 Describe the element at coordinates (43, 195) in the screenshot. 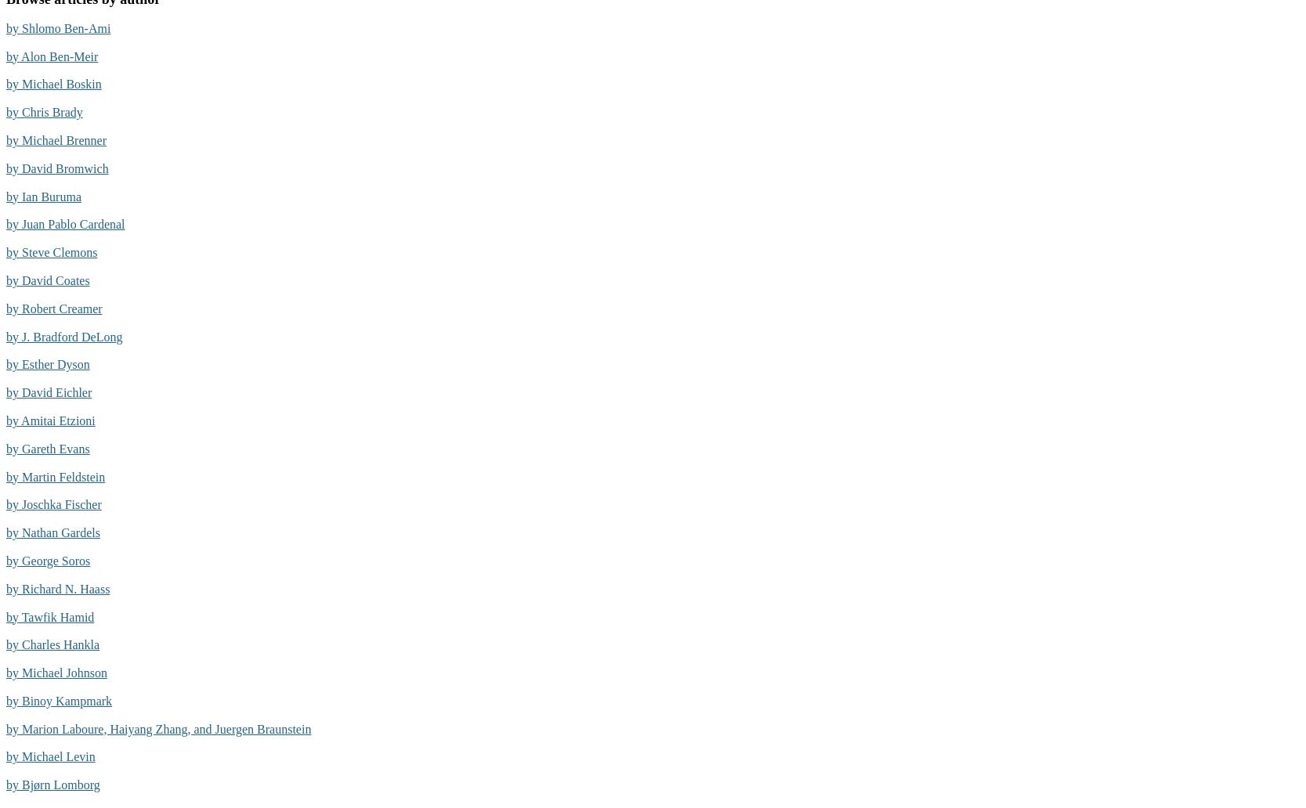

I see `'by Ian Buruma'` at that location.